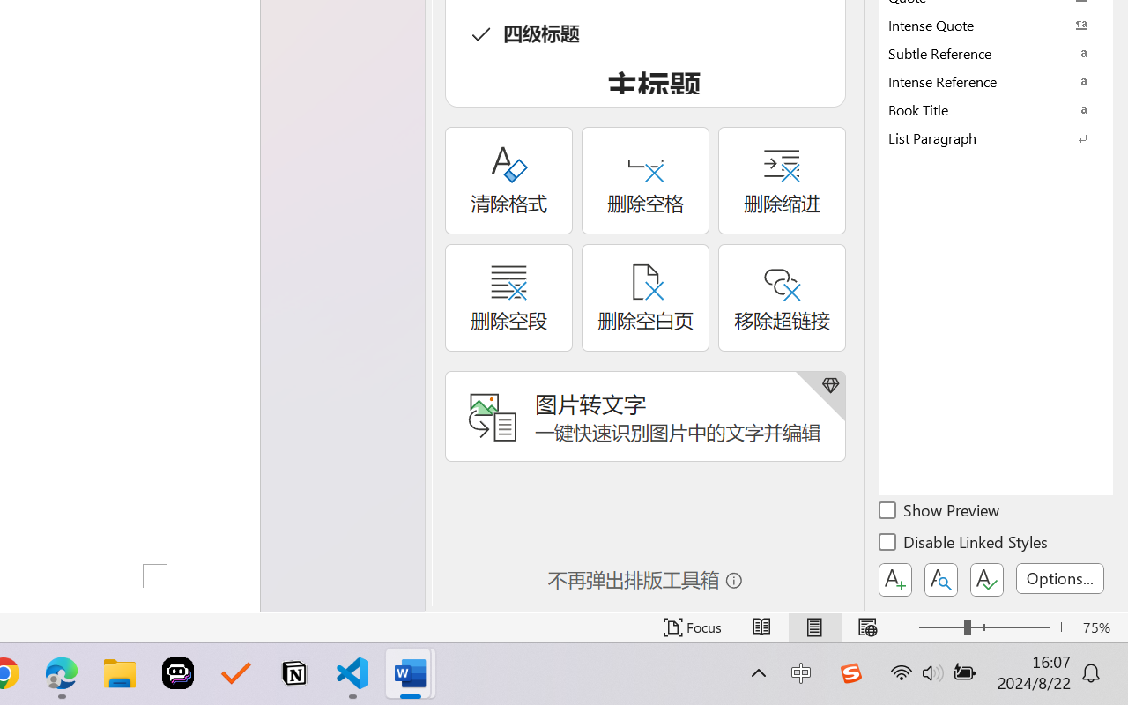  What do you see at coordinates (813, 627) in the screenshot?
I see `'Print Layout'` at bounding box center [813, 627].